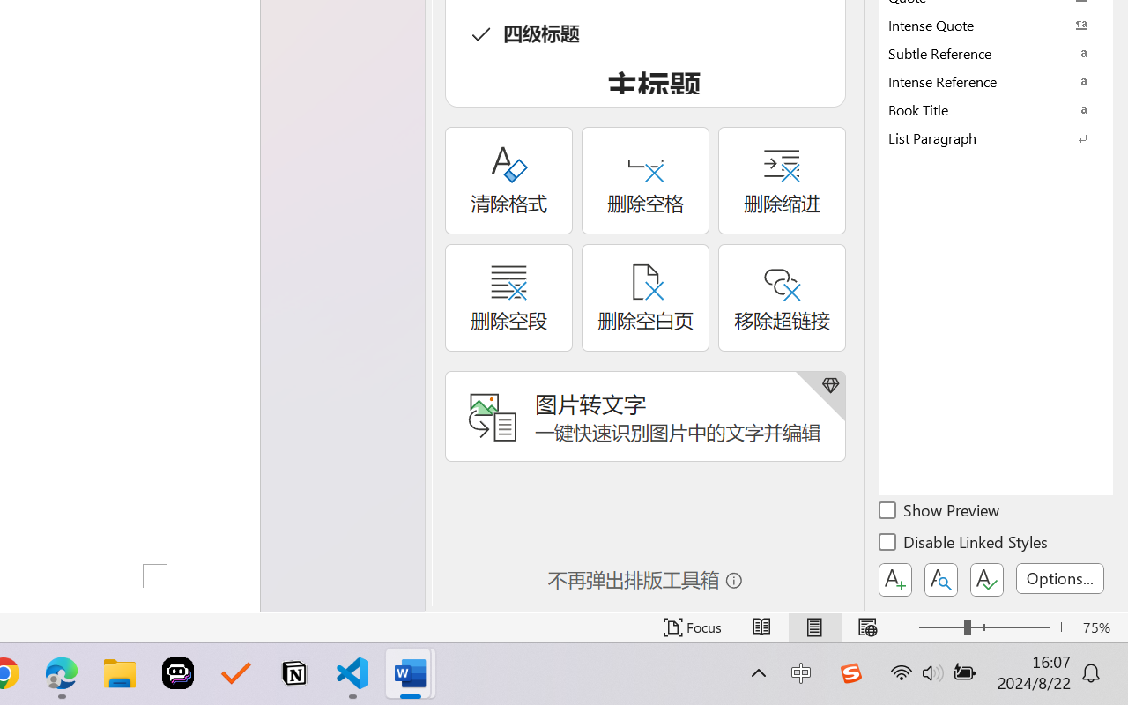  What do you see at coordinates (813, 627) in the screenshot?
I see `'Print Layout'` at bounding box center [813, 627].